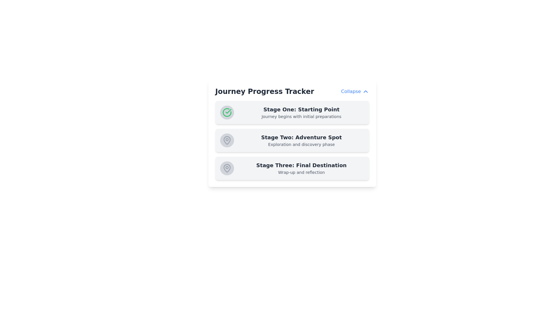 The width and height of the screenshot is (559, 314). I want to click on the decorative icon representing the stage 'Adventure Spot', centrally aligned within the second stage card titled 'Stage Two: Adventure Spot' in the progress tracker layout, so click(227, 140).